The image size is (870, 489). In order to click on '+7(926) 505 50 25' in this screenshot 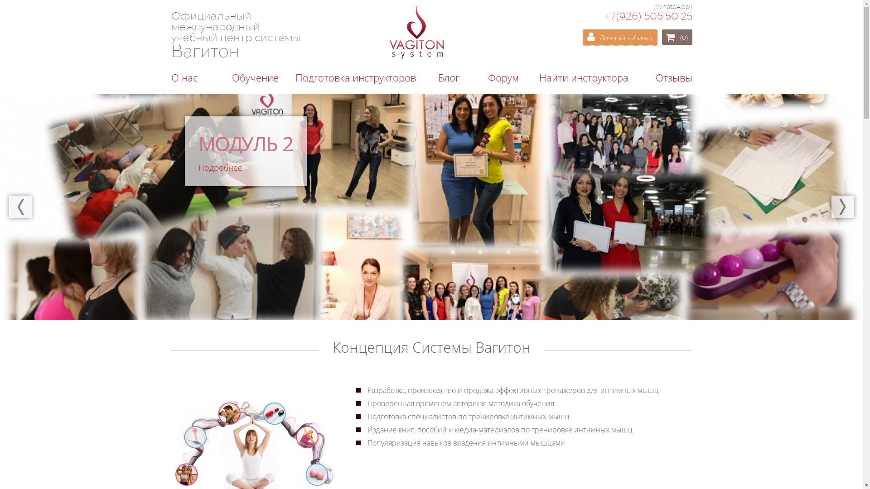, I will do `click(648, 17)`.